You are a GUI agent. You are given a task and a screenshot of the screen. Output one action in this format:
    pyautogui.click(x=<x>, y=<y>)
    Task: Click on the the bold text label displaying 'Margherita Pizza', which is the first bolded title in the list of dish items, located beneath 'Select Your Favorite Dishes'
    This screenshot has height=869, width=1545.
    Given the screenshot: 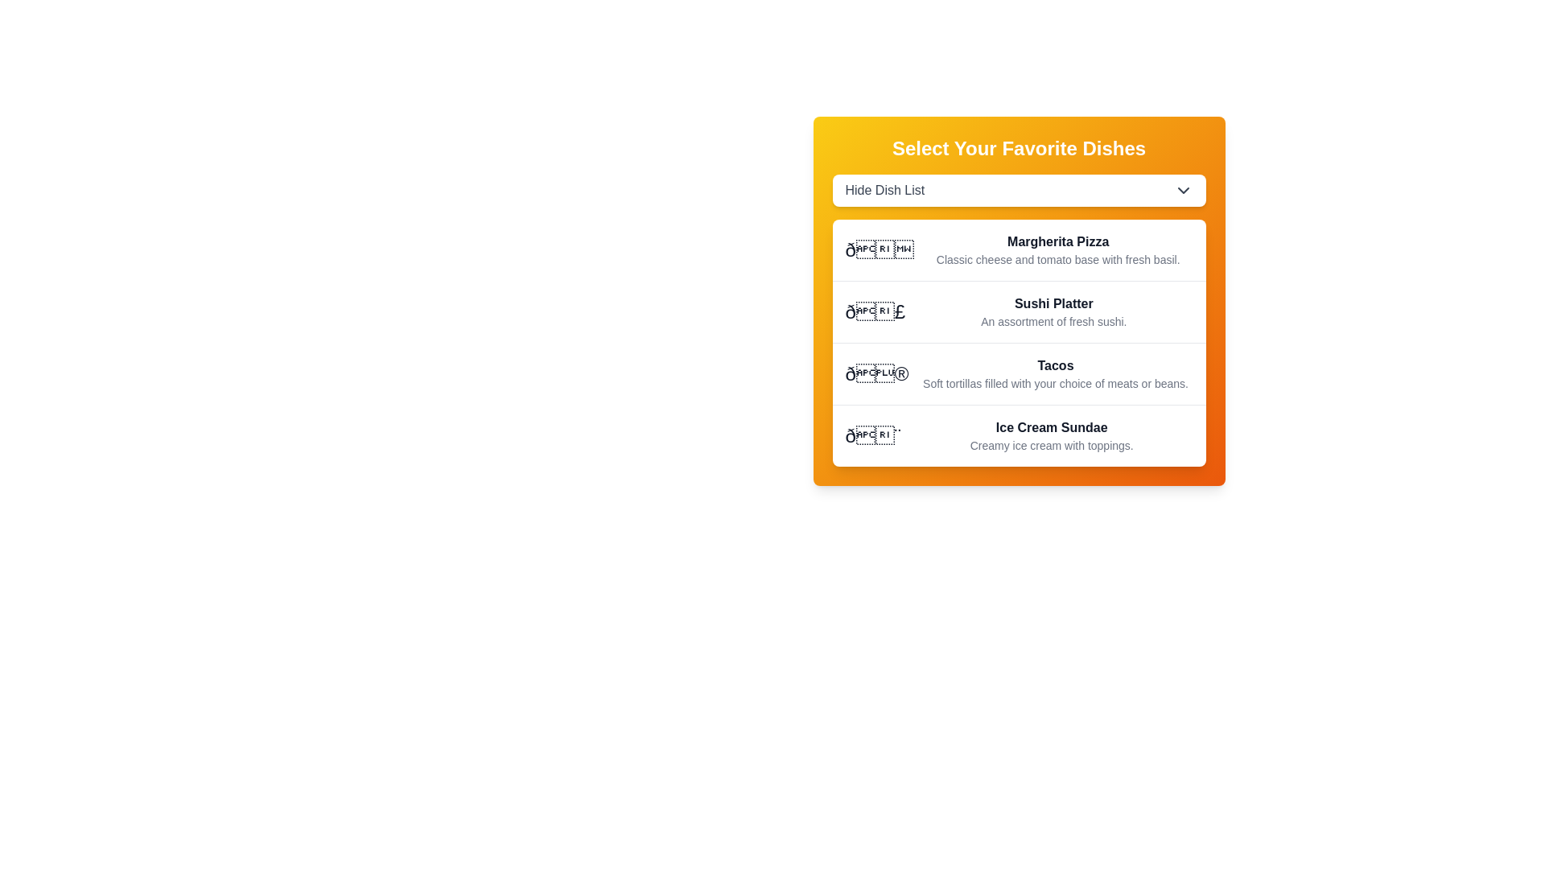 What is the action you would take?
    pyautogui.click(x=1058, y=241)
    